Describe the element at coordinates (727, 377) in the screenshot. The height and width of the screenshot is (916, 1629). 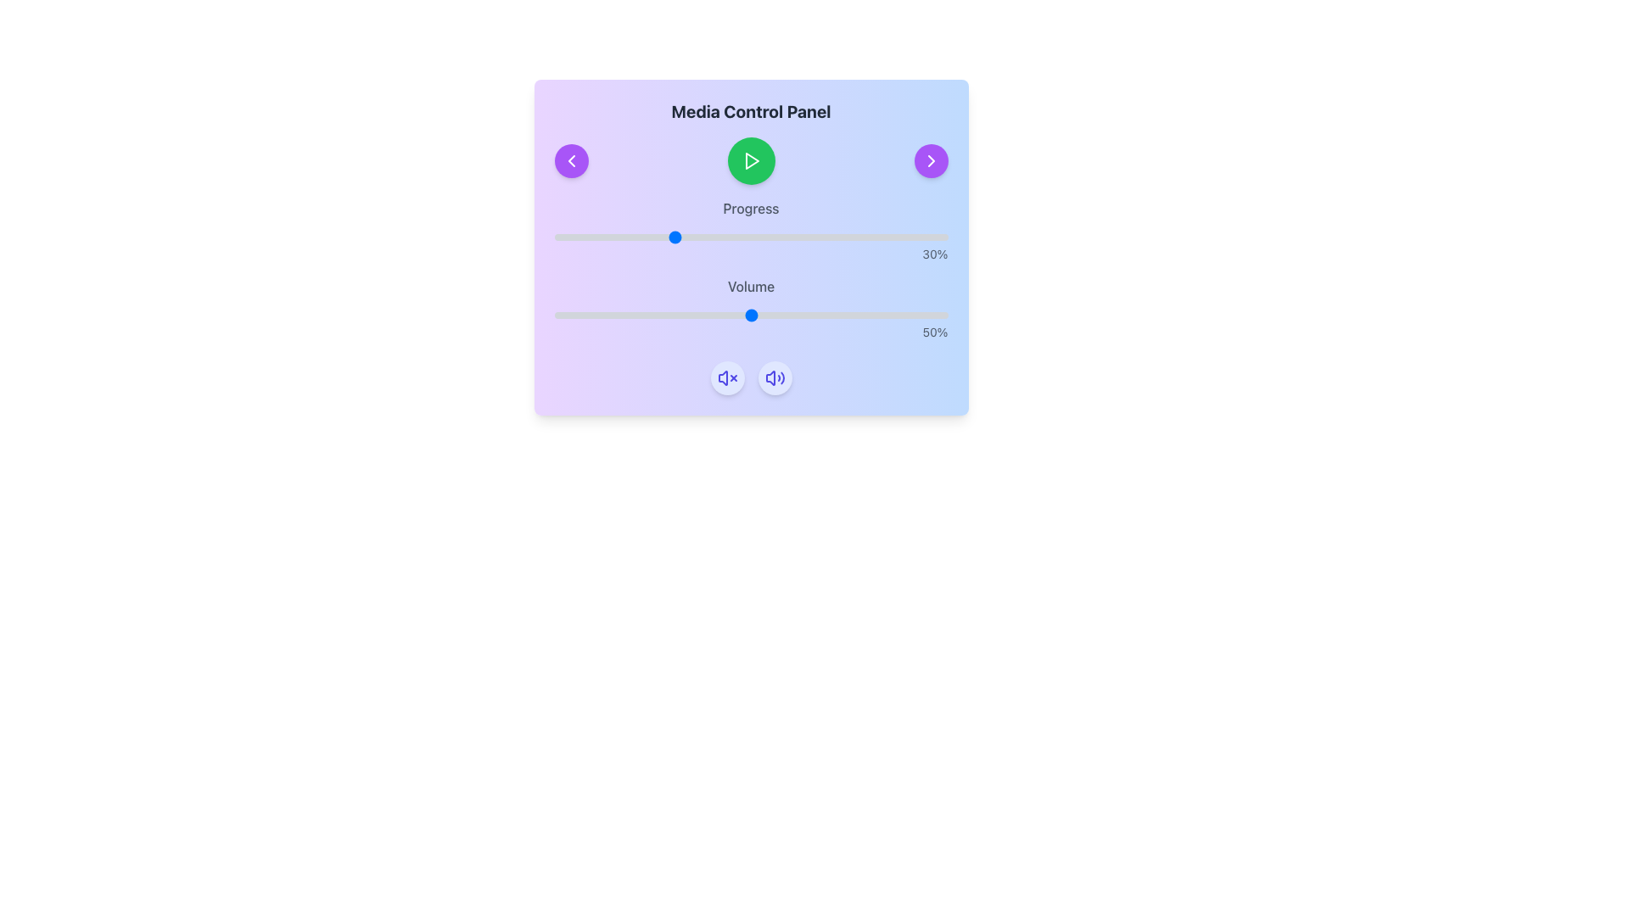
I see `the mute button located at the bottom section of the media control panel` at that location.